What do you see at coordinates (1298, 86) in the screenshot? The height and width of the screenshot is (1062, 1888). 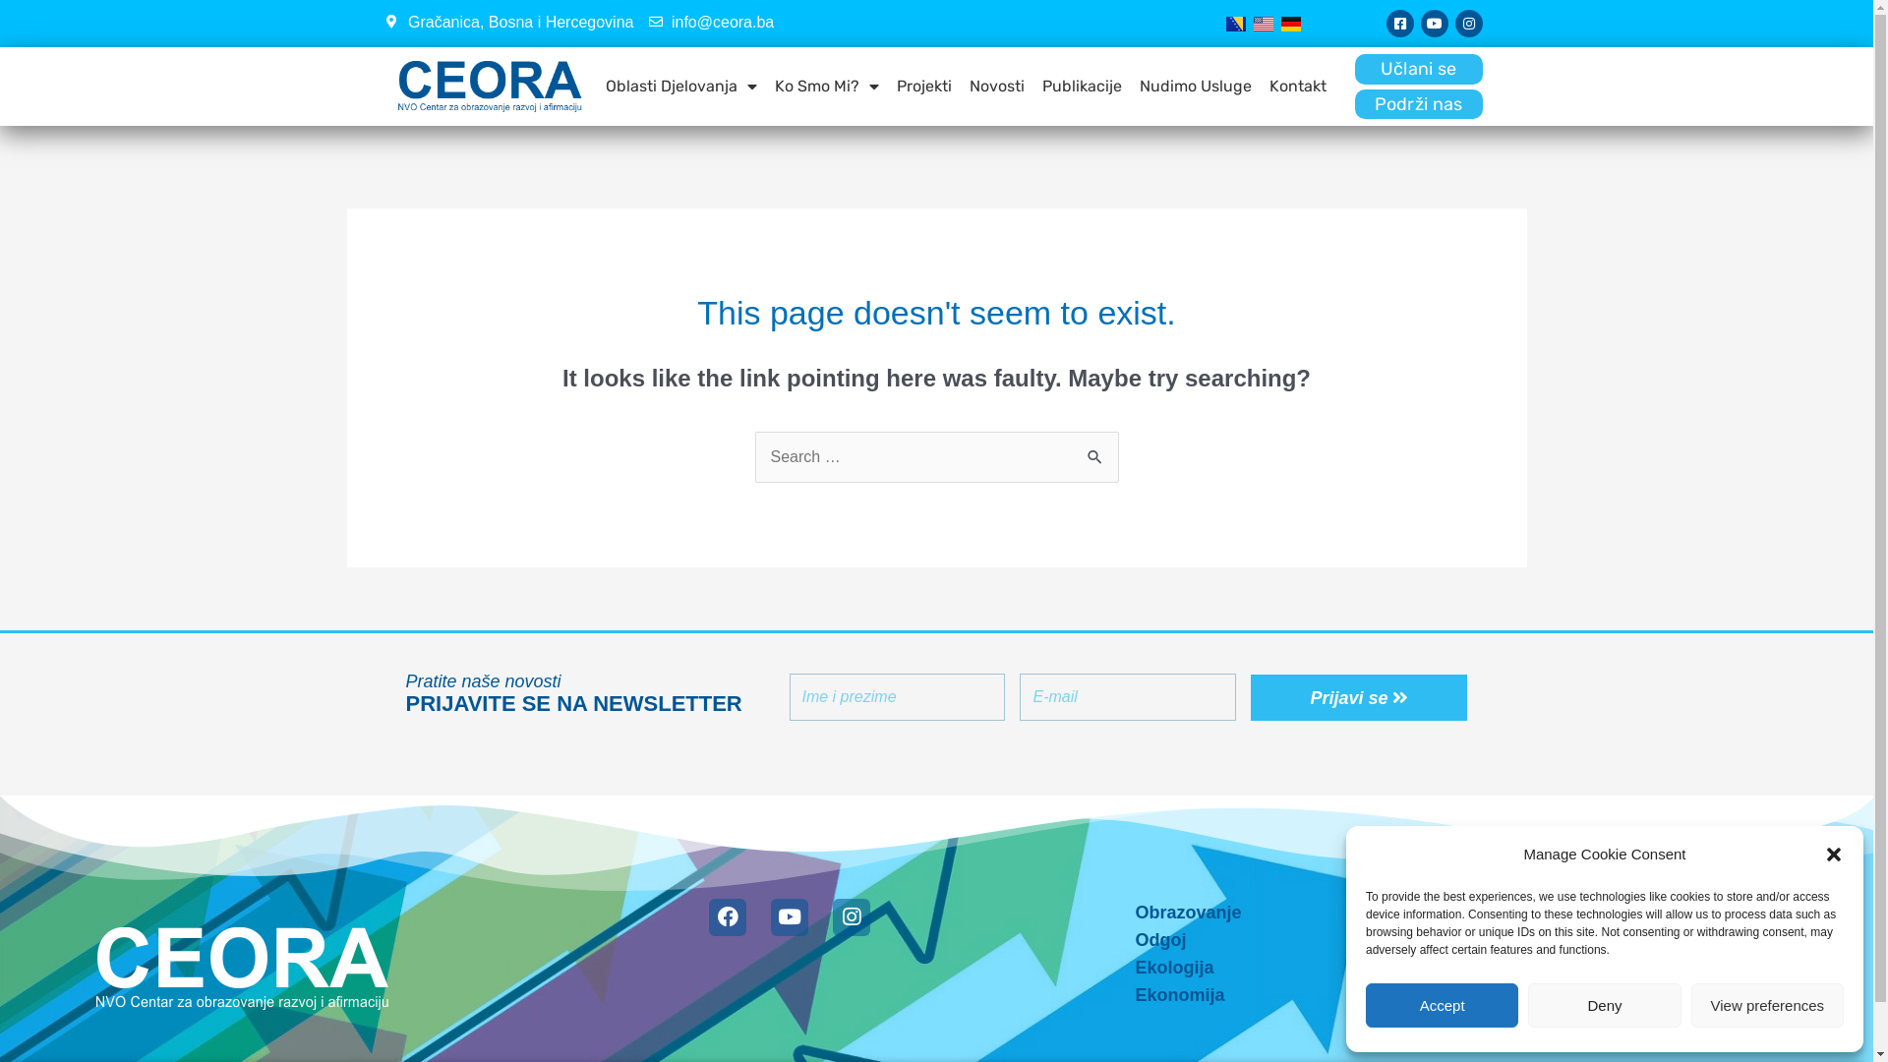 I see `'Kontakt'` at bounding box center [1298, 86].